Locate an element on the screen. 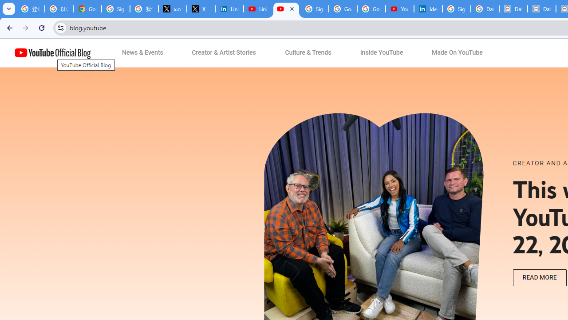 The image size is (568, 320). 'News & Events' is located at coordinates (142, 53).